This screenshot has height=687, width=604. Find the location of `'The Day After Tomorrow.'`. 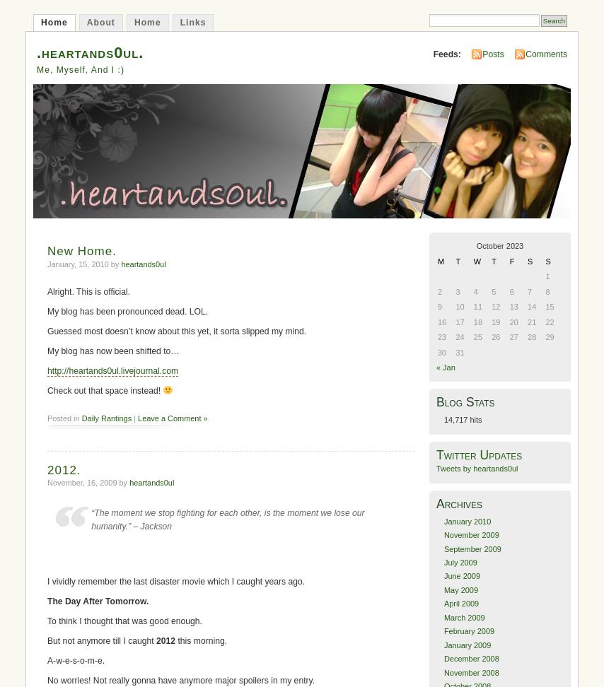

'The Day After Tomorrow.' is located at coordinates (47, 600).